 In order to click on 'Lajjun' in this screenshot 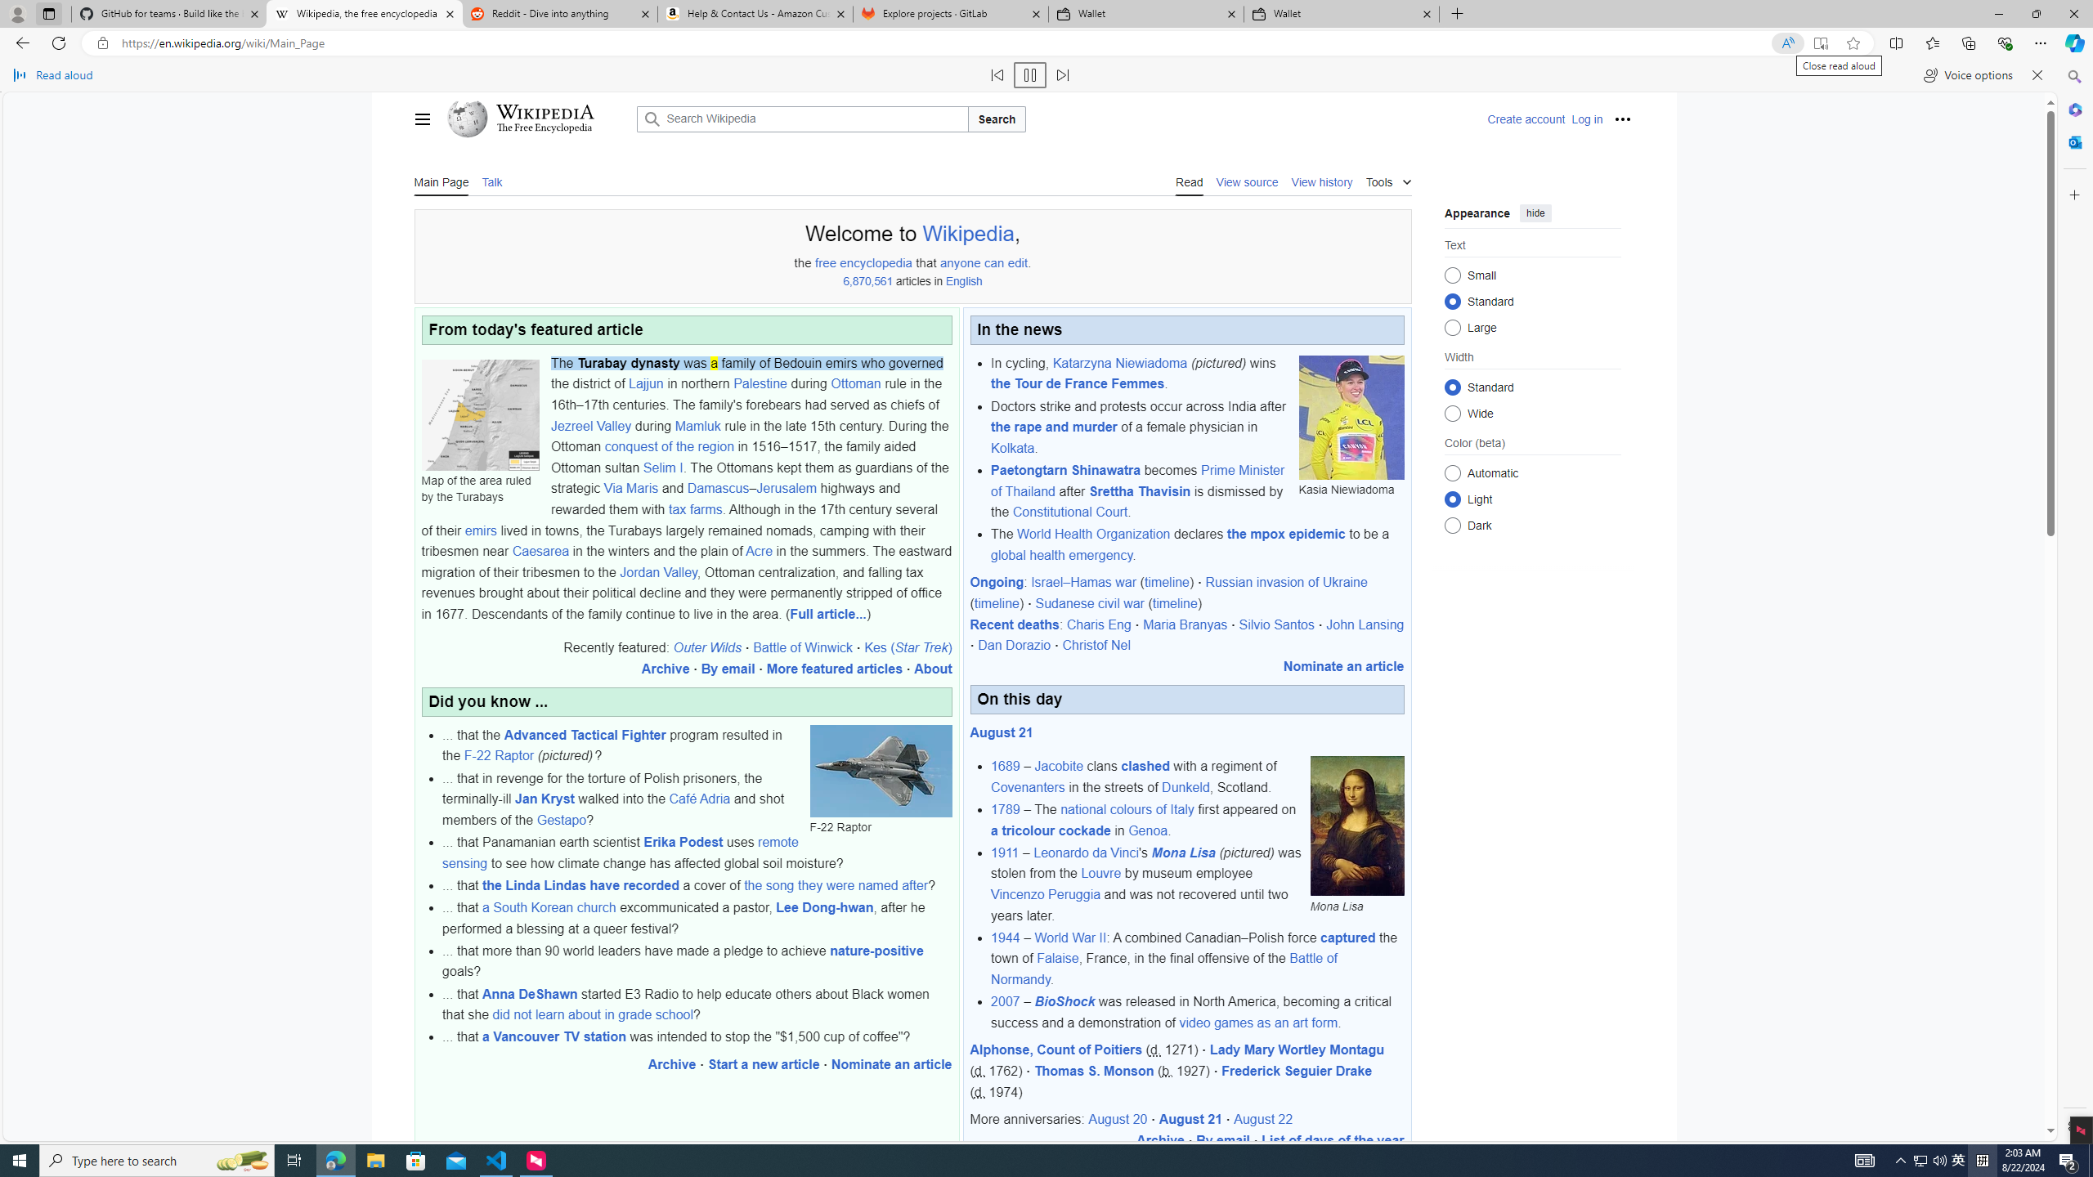, I will do `click(644, 384)`.